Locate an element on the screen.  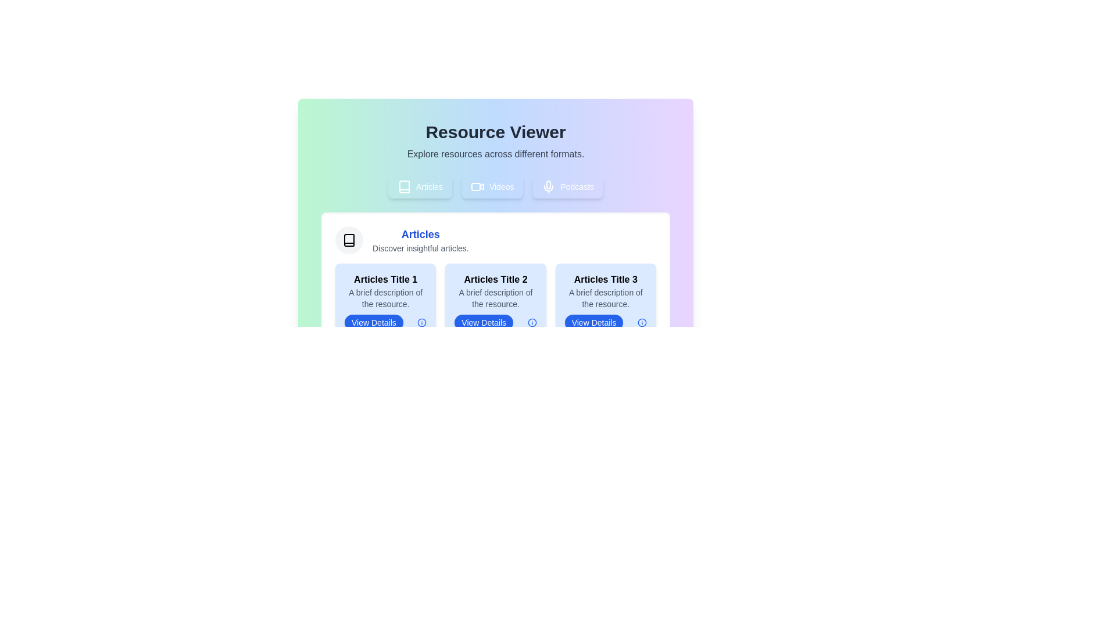
the navigation button for the 'Videos' section is located at coordinates (492, 186).